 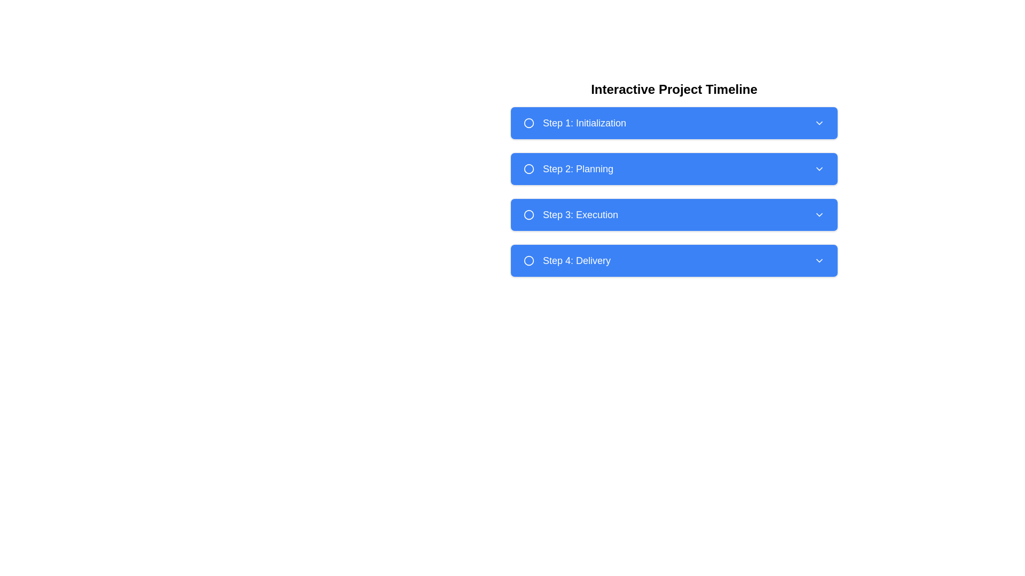 I want to click on the interactive button for the fourth step in the process timeline, located under 'Step 3: Execution', so click(x=673, y=261).